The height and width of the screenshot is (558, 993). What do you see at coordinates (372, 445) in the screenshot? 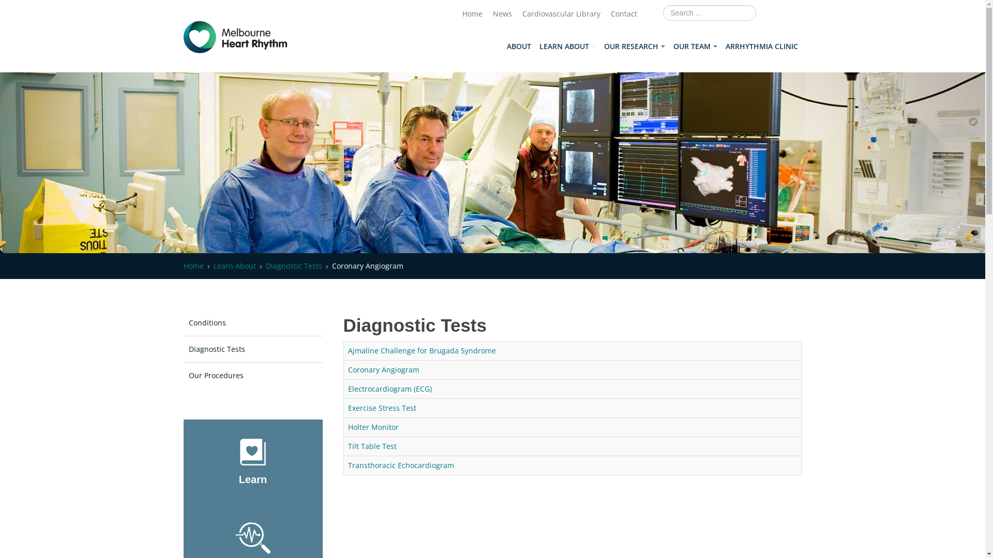
I see `'Tilt Table Test'` at bounding box center [372, 445].